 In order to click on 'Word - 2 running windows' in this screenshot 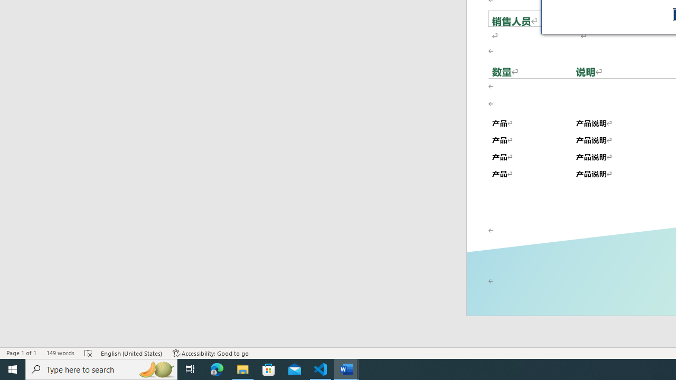, I will do `click(346, 368)`.